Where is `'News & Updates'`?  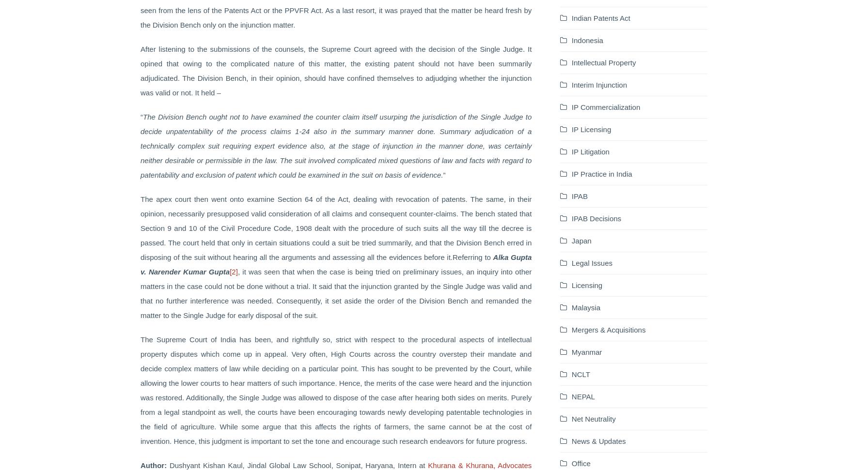 'News & Updates' is located at coordinates (598, 440).